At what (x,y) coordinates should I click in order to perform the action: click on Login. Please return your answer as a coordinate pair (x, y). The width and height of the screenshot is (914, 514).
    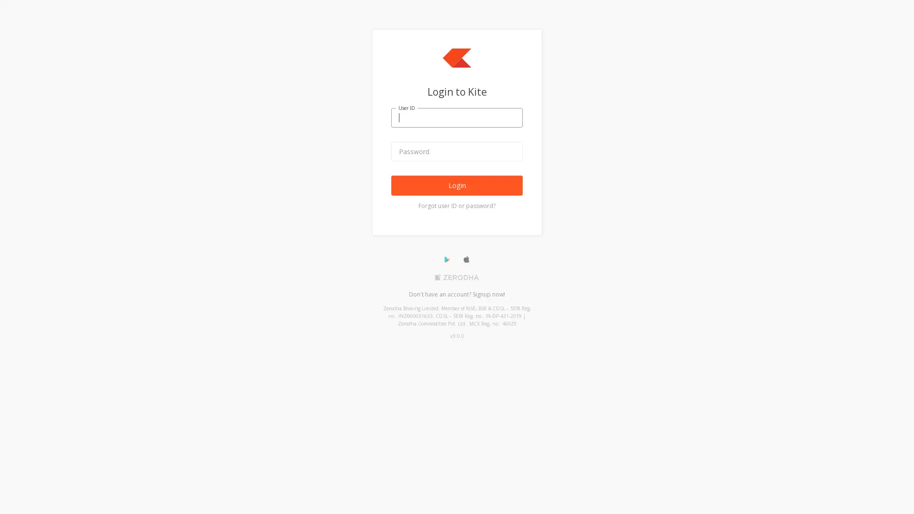
    Looking at the image, I should click on (457, 185).